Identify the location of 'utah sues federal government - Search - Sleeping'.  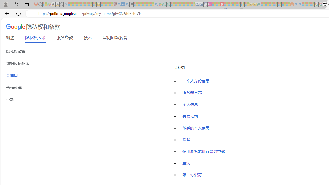
(127, 4).